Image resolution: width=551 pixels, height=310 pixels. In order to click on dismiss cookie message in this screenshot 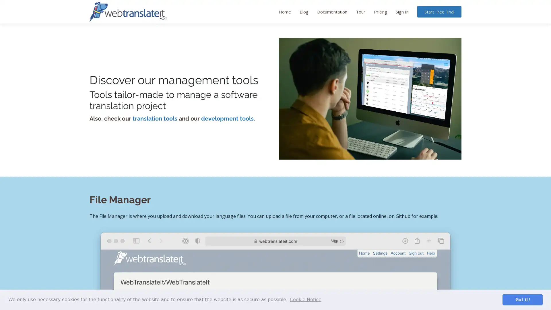, I will do `click(522, 299)`.